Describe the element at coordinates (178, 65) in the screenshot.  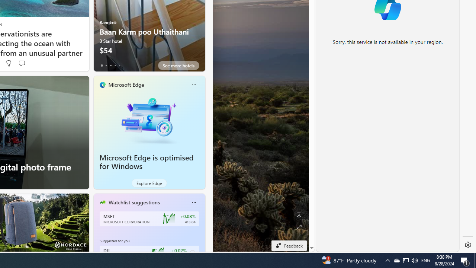
I see `'See more hotels'` at that location.